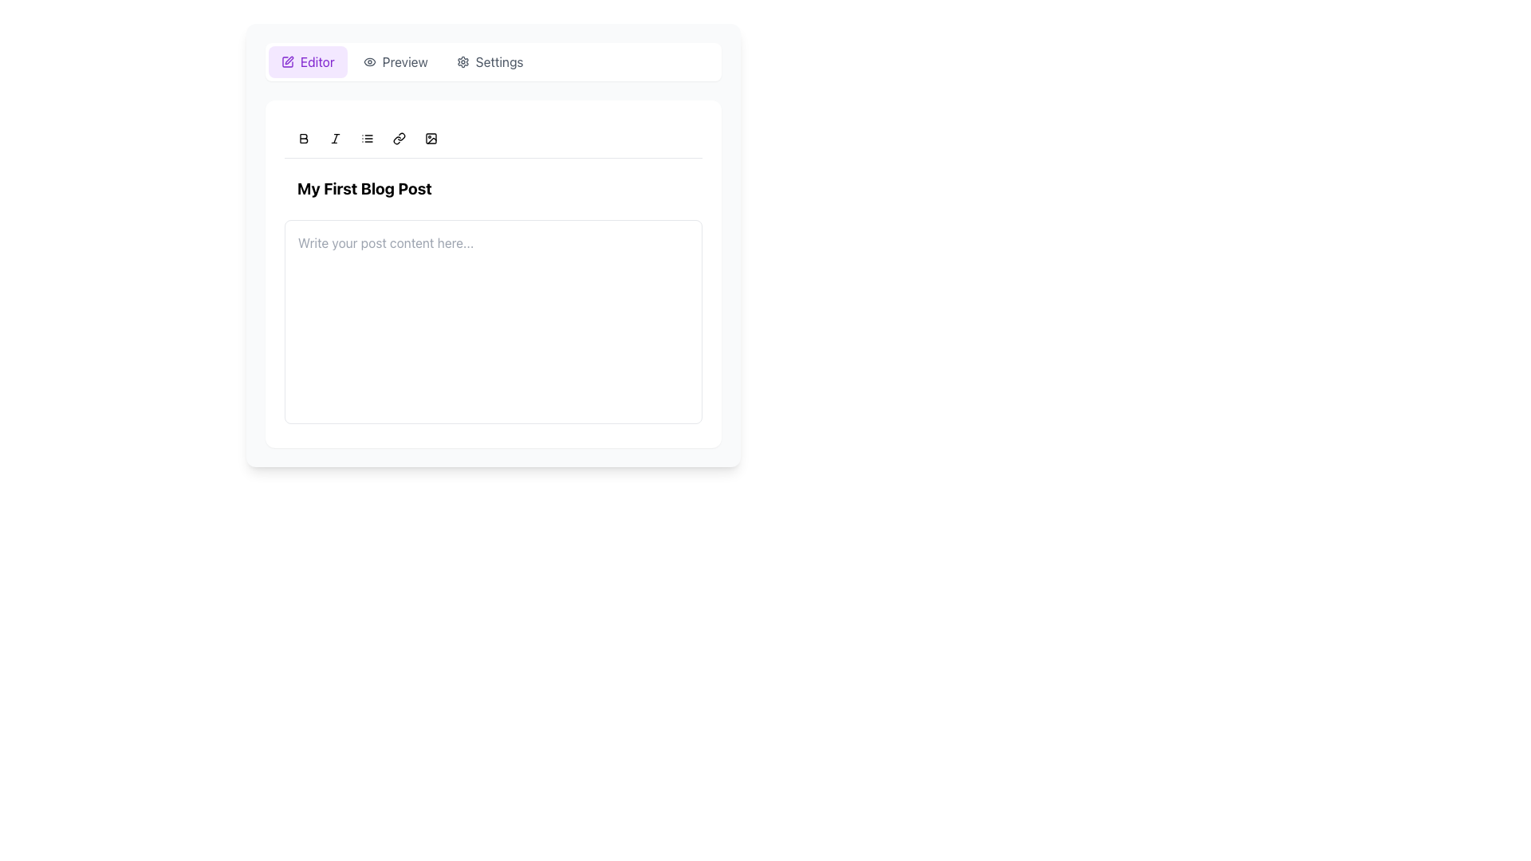 The image size is (1531, 861). What do you see at coordinates (308, 61) in the screenshot?
I see `the 'Editor' button, which is a purple rounded rectangle with a pencil icon, located at the top-left of the interface` at bounding box center [308, 61].